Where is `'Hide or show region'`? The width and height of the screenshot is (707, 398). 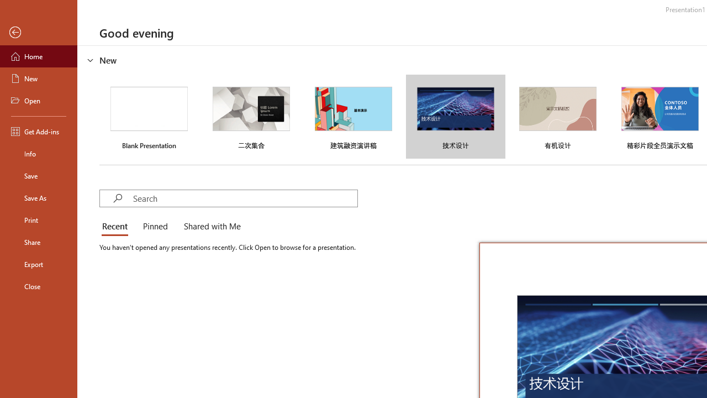 'Hide or show region' is located at coordinates (91, 60).